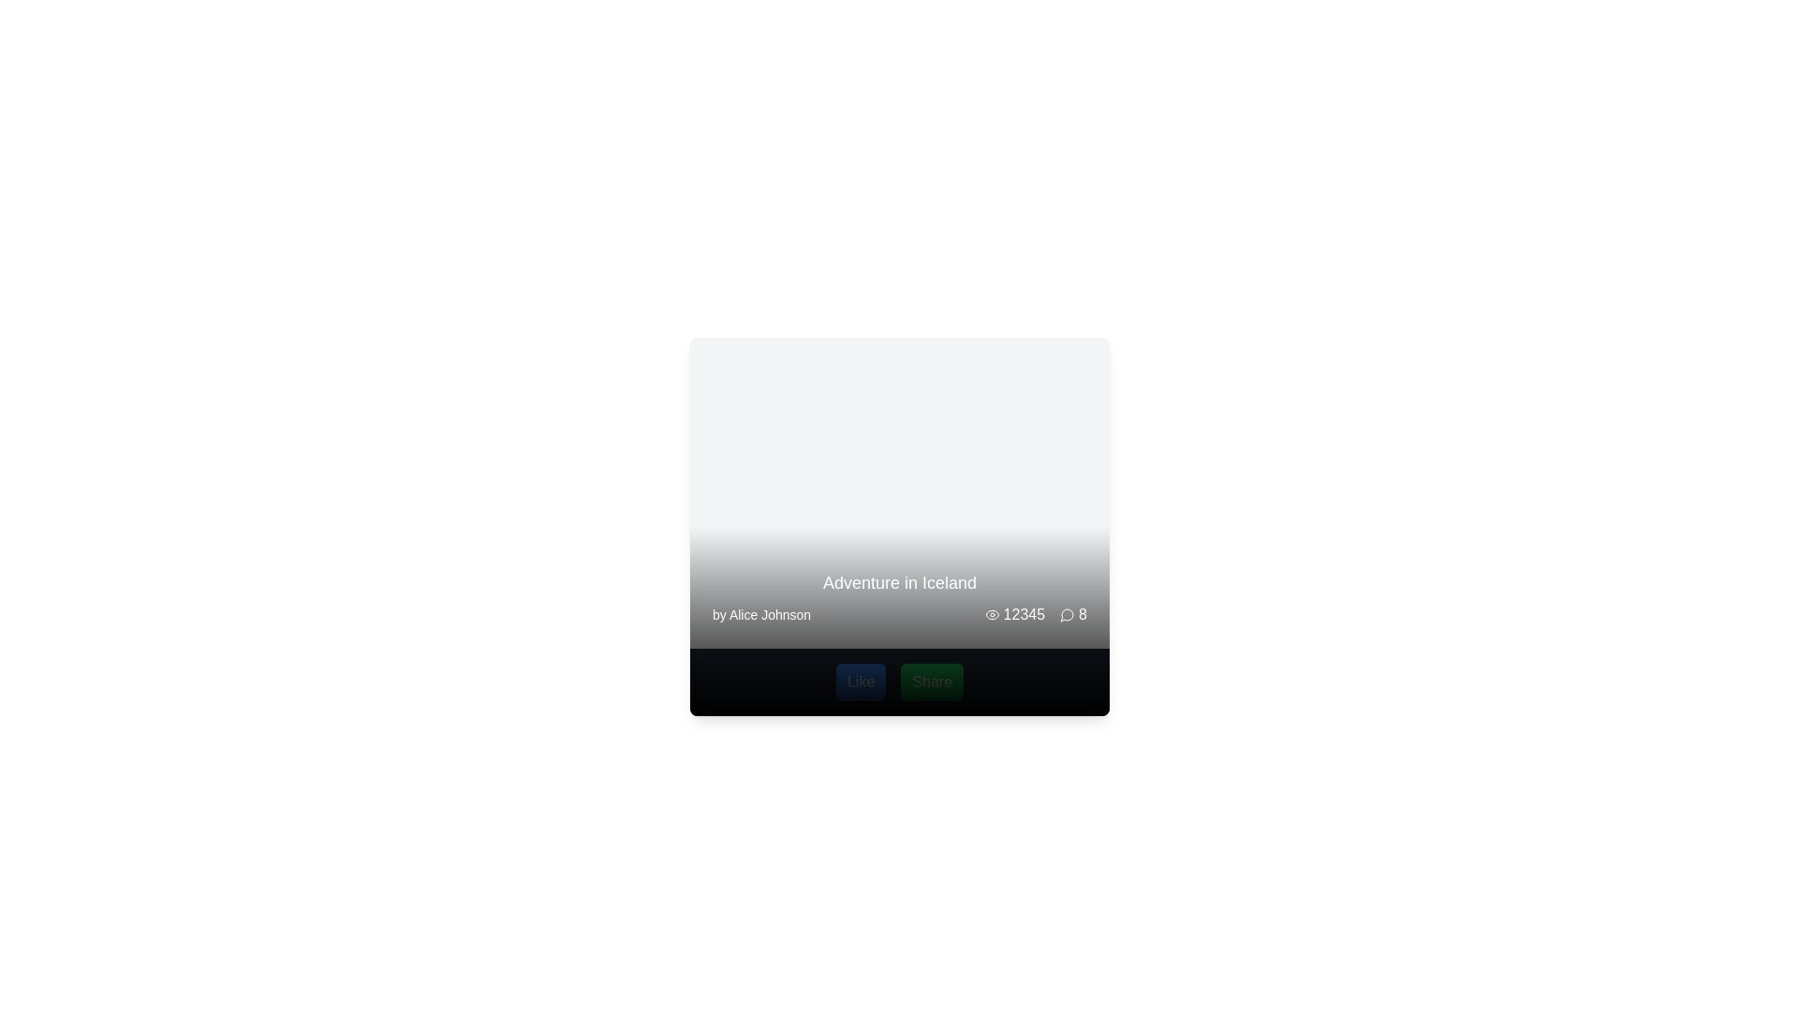 This screenshot has height=1011, width=1798. I want to click on the text element displaying 'Adventure in Iceland', which is styled in a large, bold white font against a darker gradient background, located at the top of its section, so click(899, 582).